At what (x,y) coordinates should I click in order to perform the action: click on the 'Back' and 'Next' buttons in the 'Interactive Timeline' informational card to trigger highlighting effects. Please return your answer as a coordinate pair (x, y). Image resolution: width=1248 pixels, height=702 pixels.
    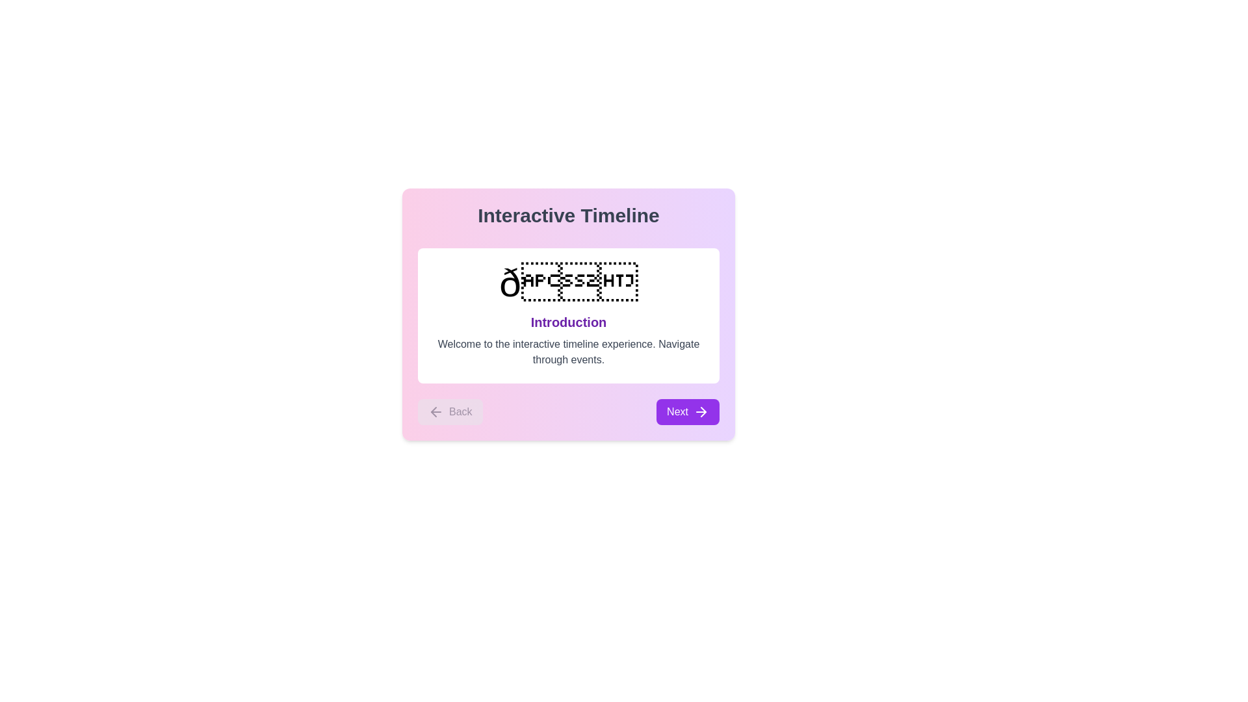
    Looking at the image, I should click on (568, 314).